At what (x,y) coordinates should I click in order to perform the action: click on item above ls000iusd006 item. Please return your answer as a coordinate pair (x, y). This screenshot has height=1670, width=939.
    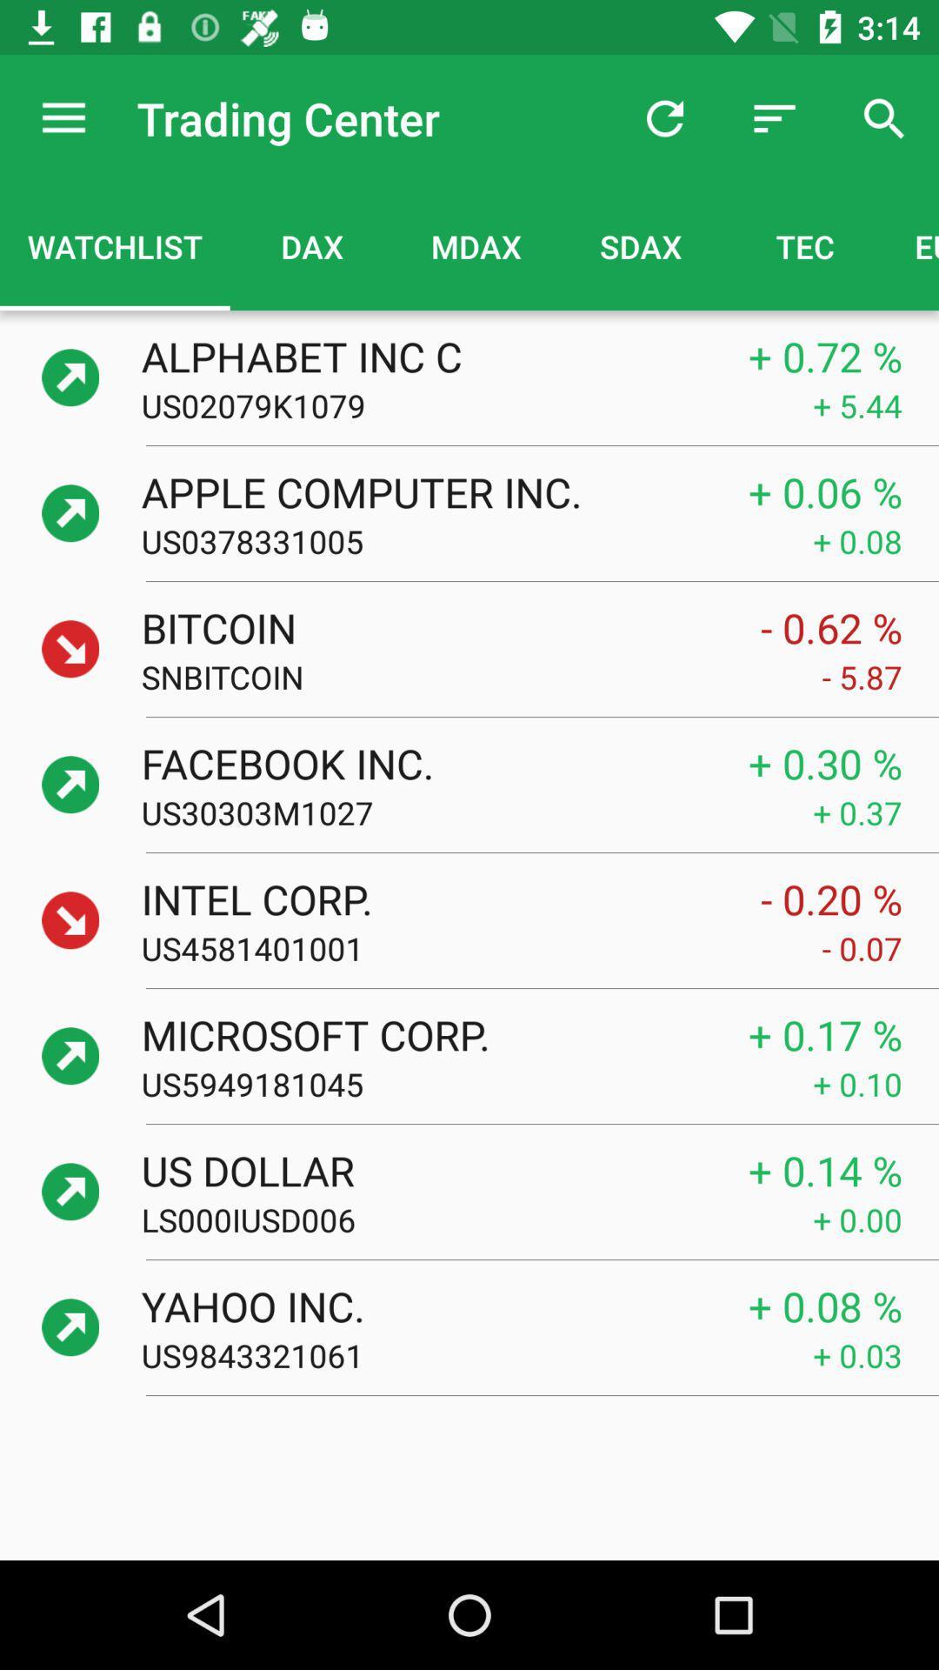
    Looking at the image, I should click on (426, 1170).